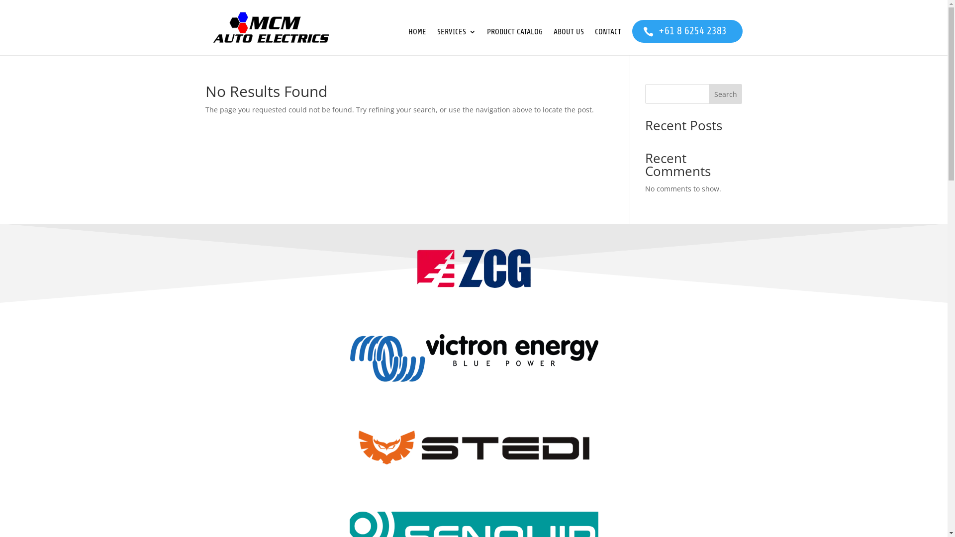  What do you see at coordinates (631, 30) in the screenshot?
I see `'+61 8 6254 2383'` at bounding box center [631, 30].